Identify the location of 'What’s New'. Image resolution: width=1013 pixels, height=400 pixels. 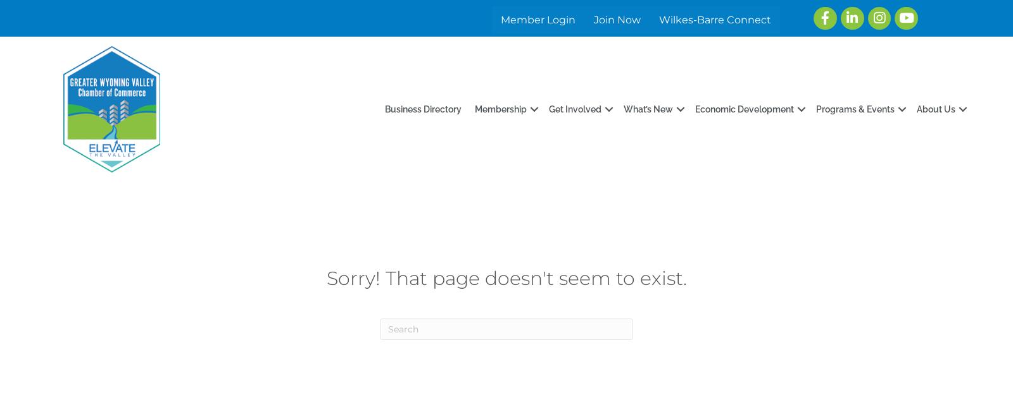
(622, 108).